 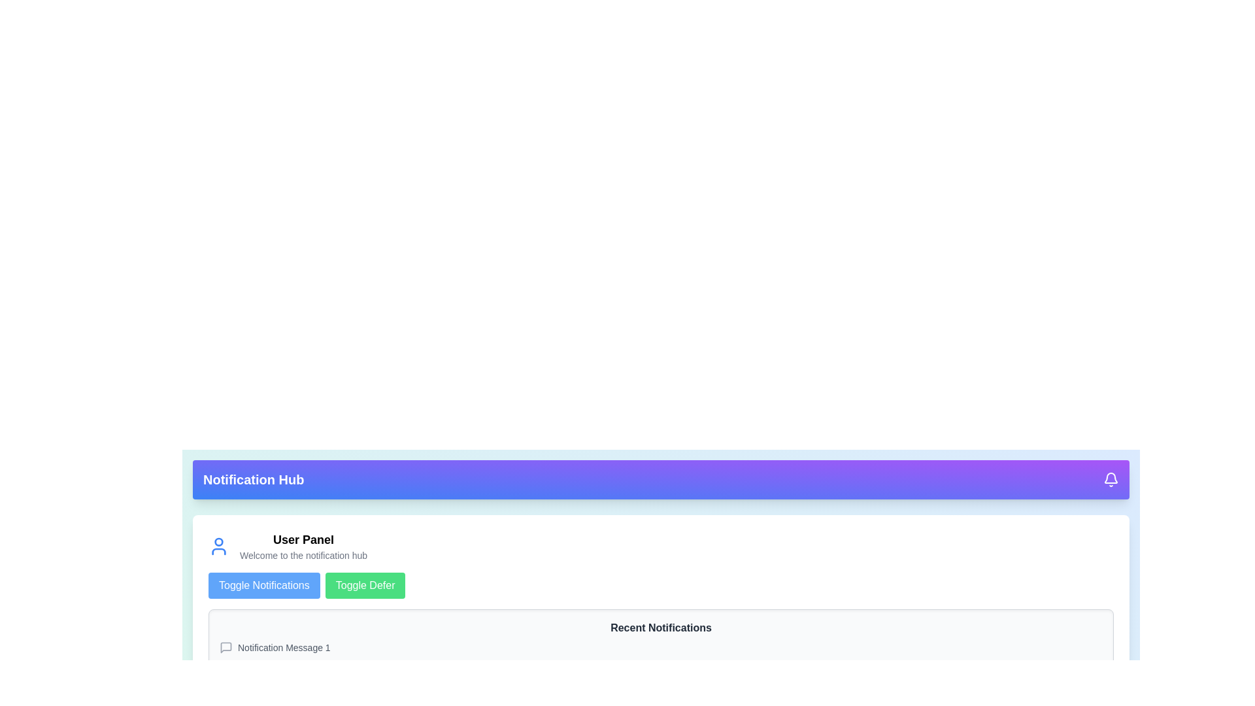 I want to click on text block that serves as a header and description for the notifications or user panel features, located slightly to the right of the user icon graphic, so click(x=303, y=546).